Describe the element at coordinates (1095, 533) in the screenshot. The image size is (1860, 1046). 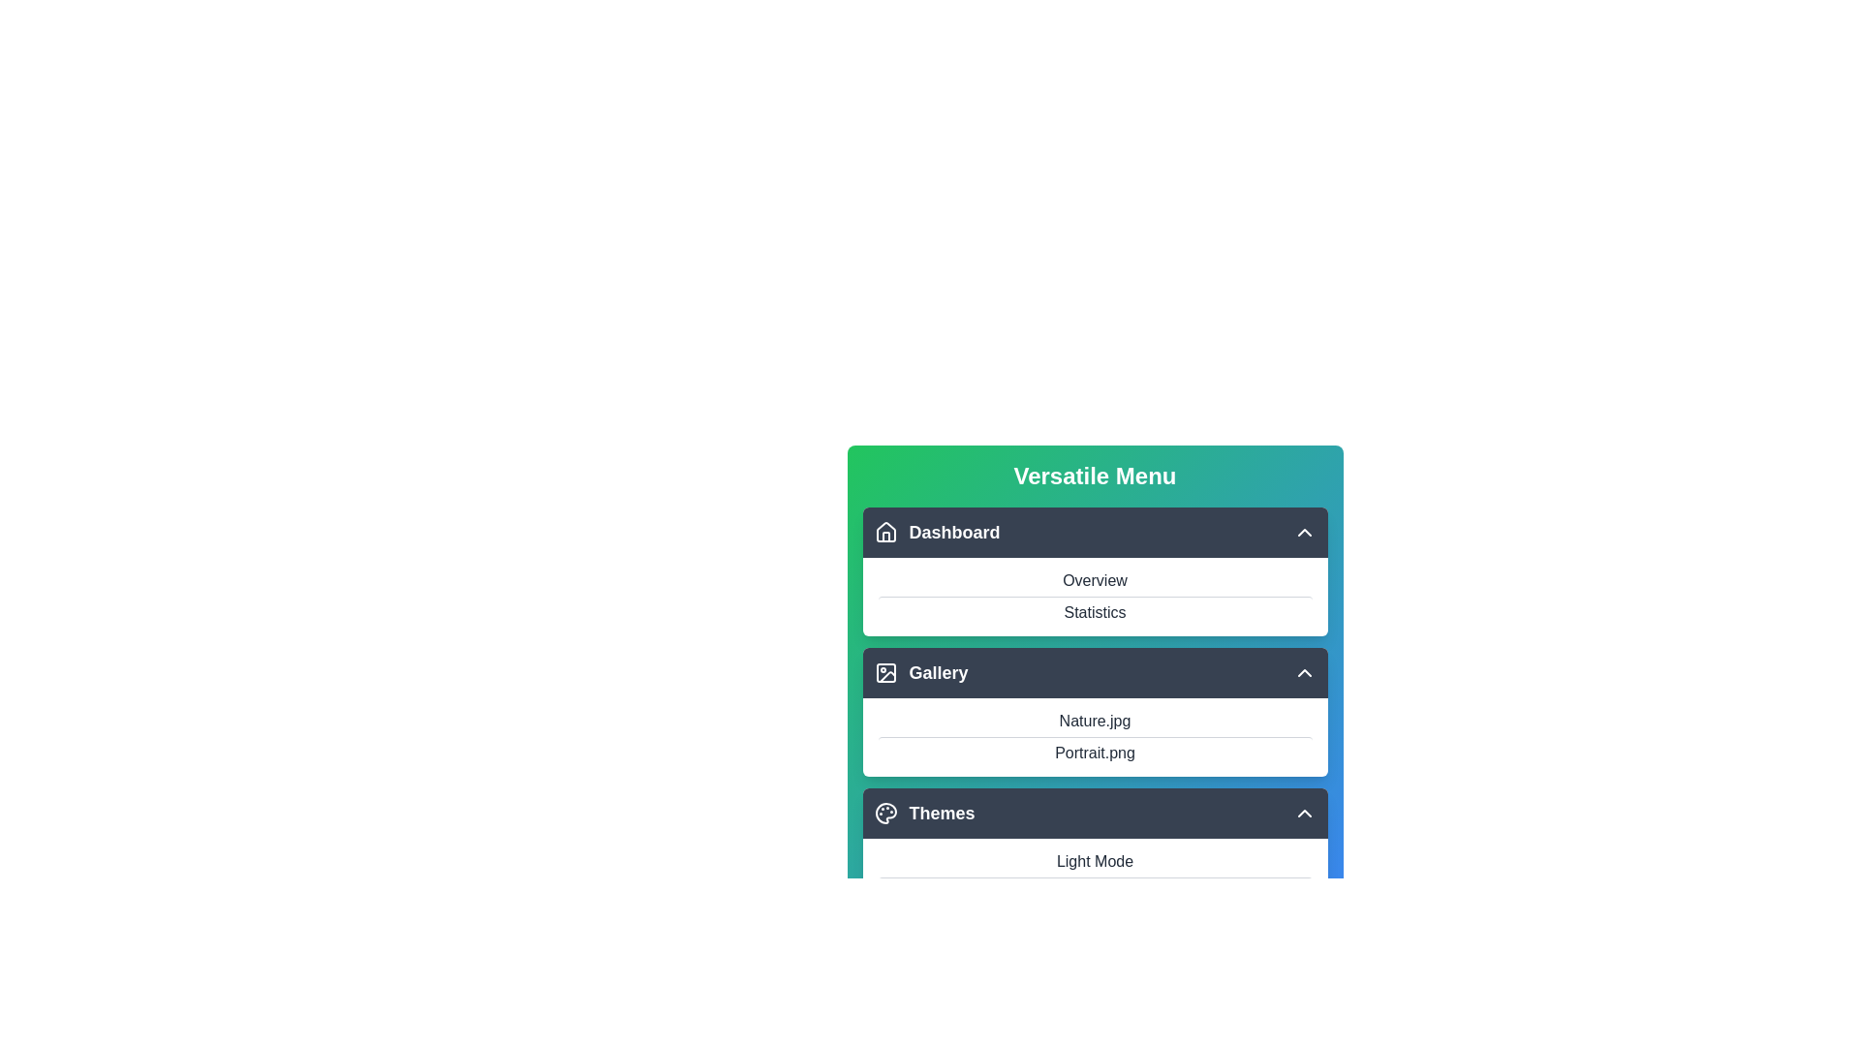
I see `the item Portrait.png from the section Dashboard` at that location.